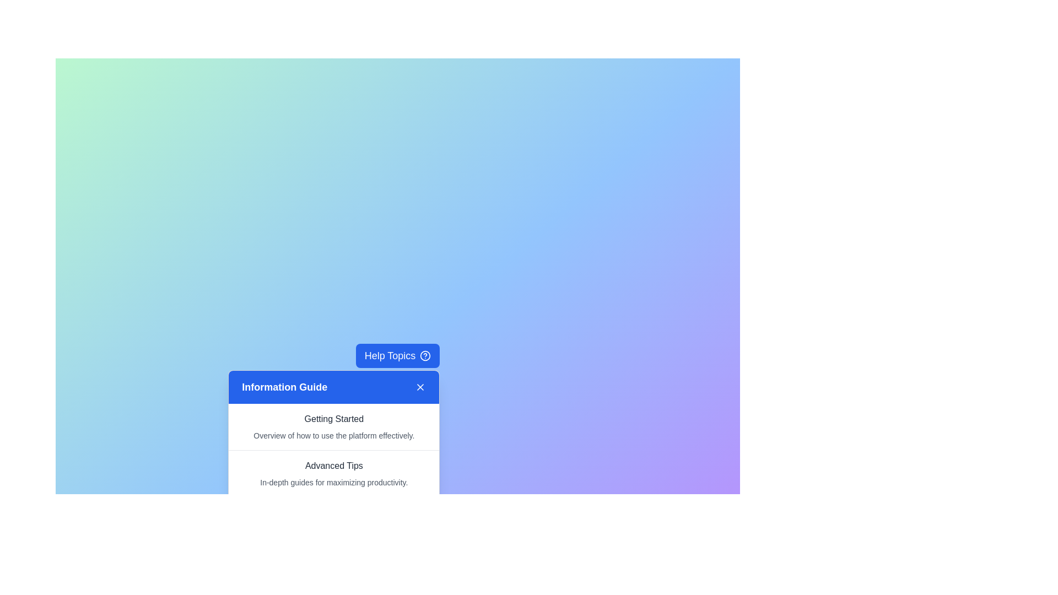 The image size is (1058, 595). What do you see at coordinates (397, 355) in the screenshot?
I see `the interactive help button located above the blue header labeled 'Information Guide'` at bounding box center [397, 355].